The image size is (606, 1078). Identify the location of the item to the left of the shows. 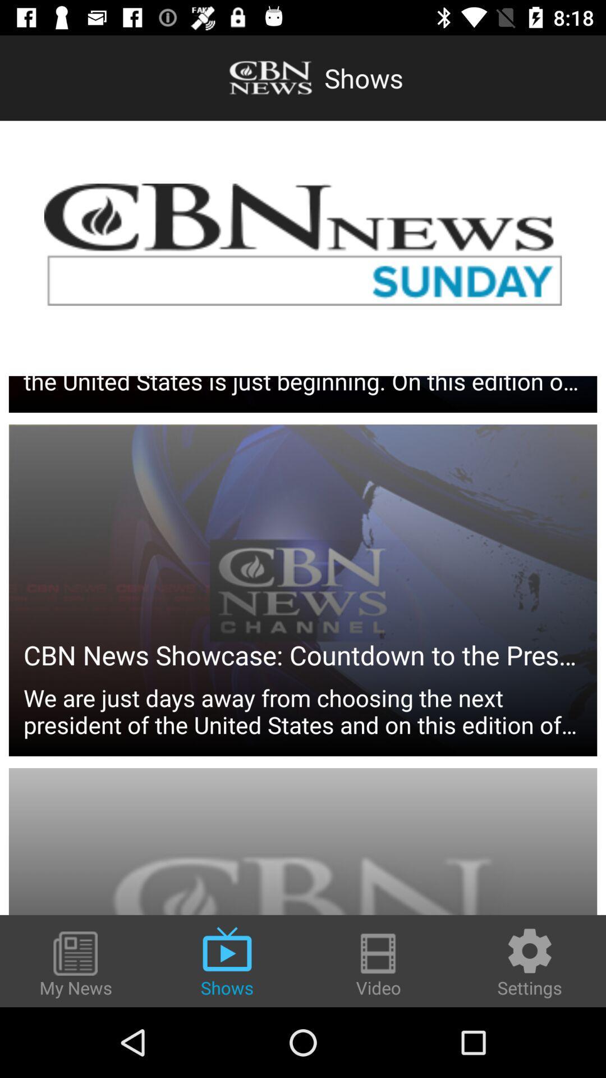
(76, 965).